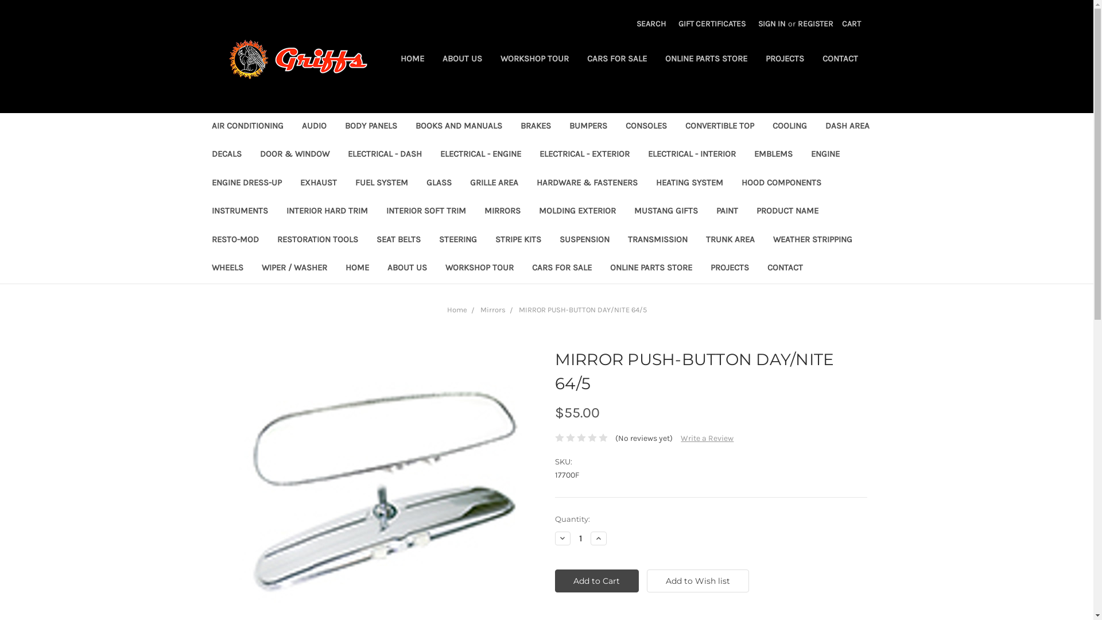 This screenshot has width=1102, height=620. Describe the element at coordinates (784, 269) in the screenshot. I see `'CONTACT'` at that location.